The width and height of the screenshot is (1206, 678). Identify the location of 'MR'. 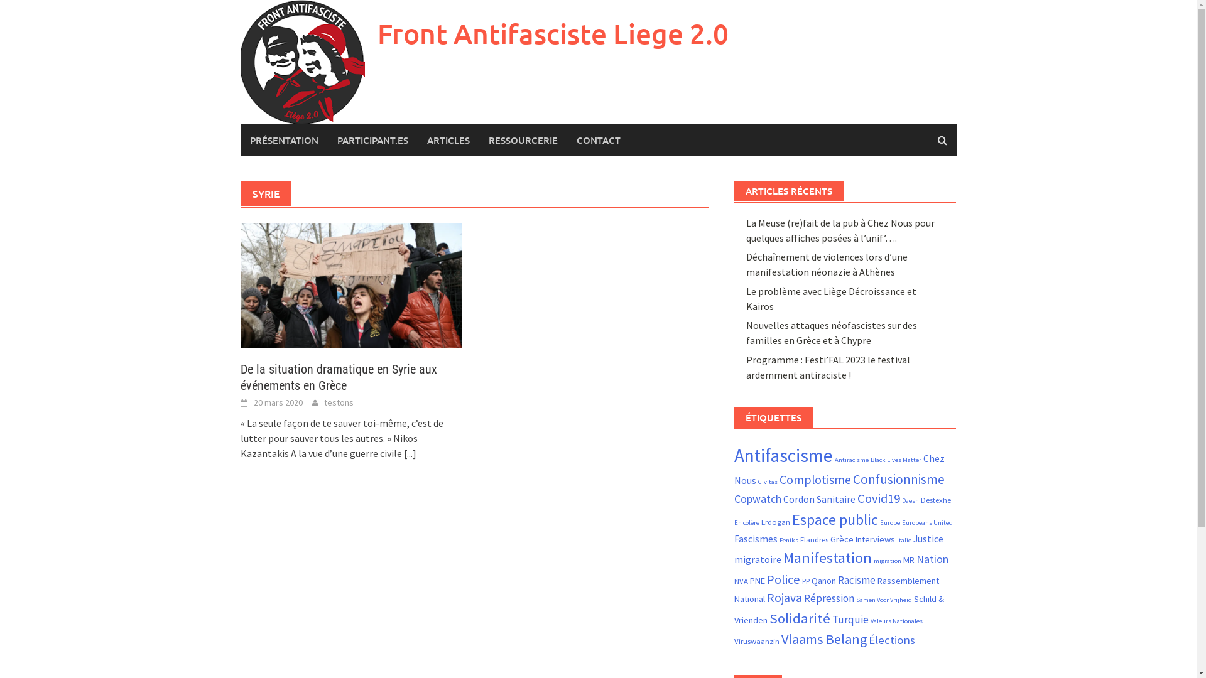
(908, 559).